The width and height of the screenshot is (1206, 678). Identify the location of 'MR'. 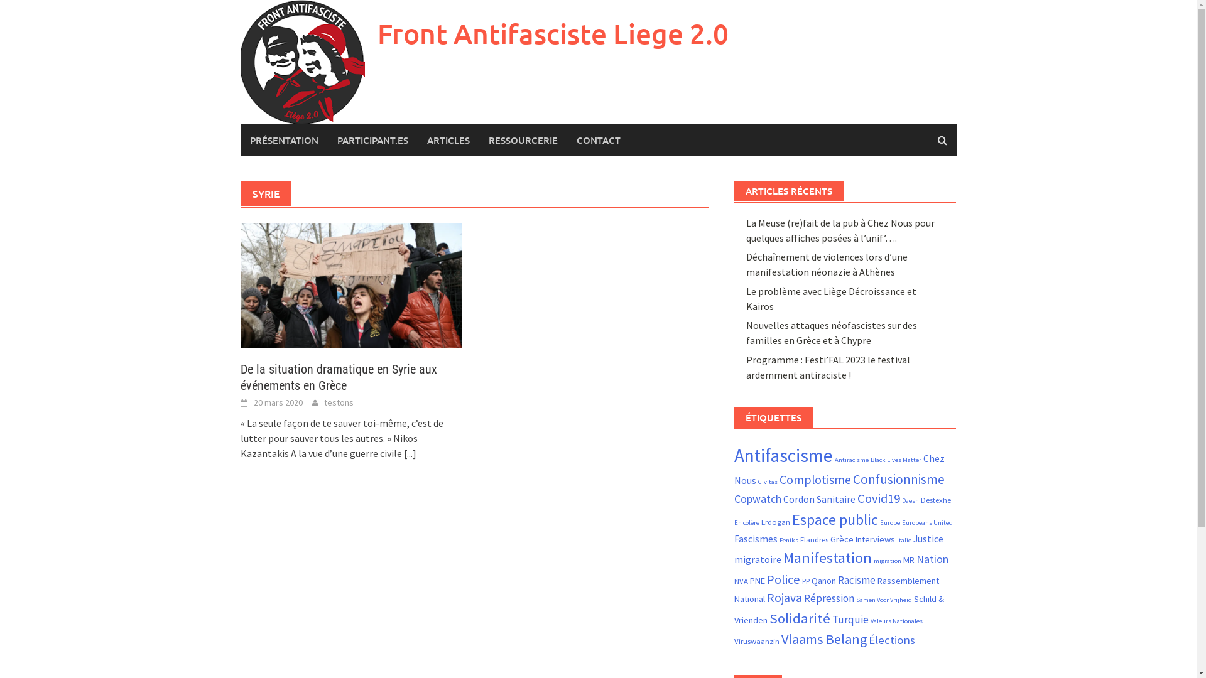
(908, 559).